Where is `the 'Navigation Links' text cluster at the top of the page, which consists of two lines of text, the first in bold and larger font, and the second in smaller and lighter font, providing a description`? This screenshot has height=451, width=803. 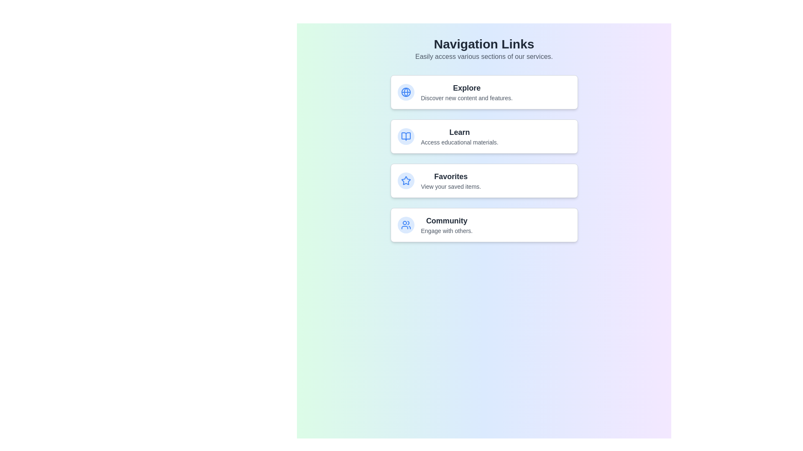
the 'Navigation Links' text cluster at the top of the page, which consists of two lines of text, the first in bold and larger font, and the second in smaller and lighter font, providing a description is located at coordinates (484, 49).